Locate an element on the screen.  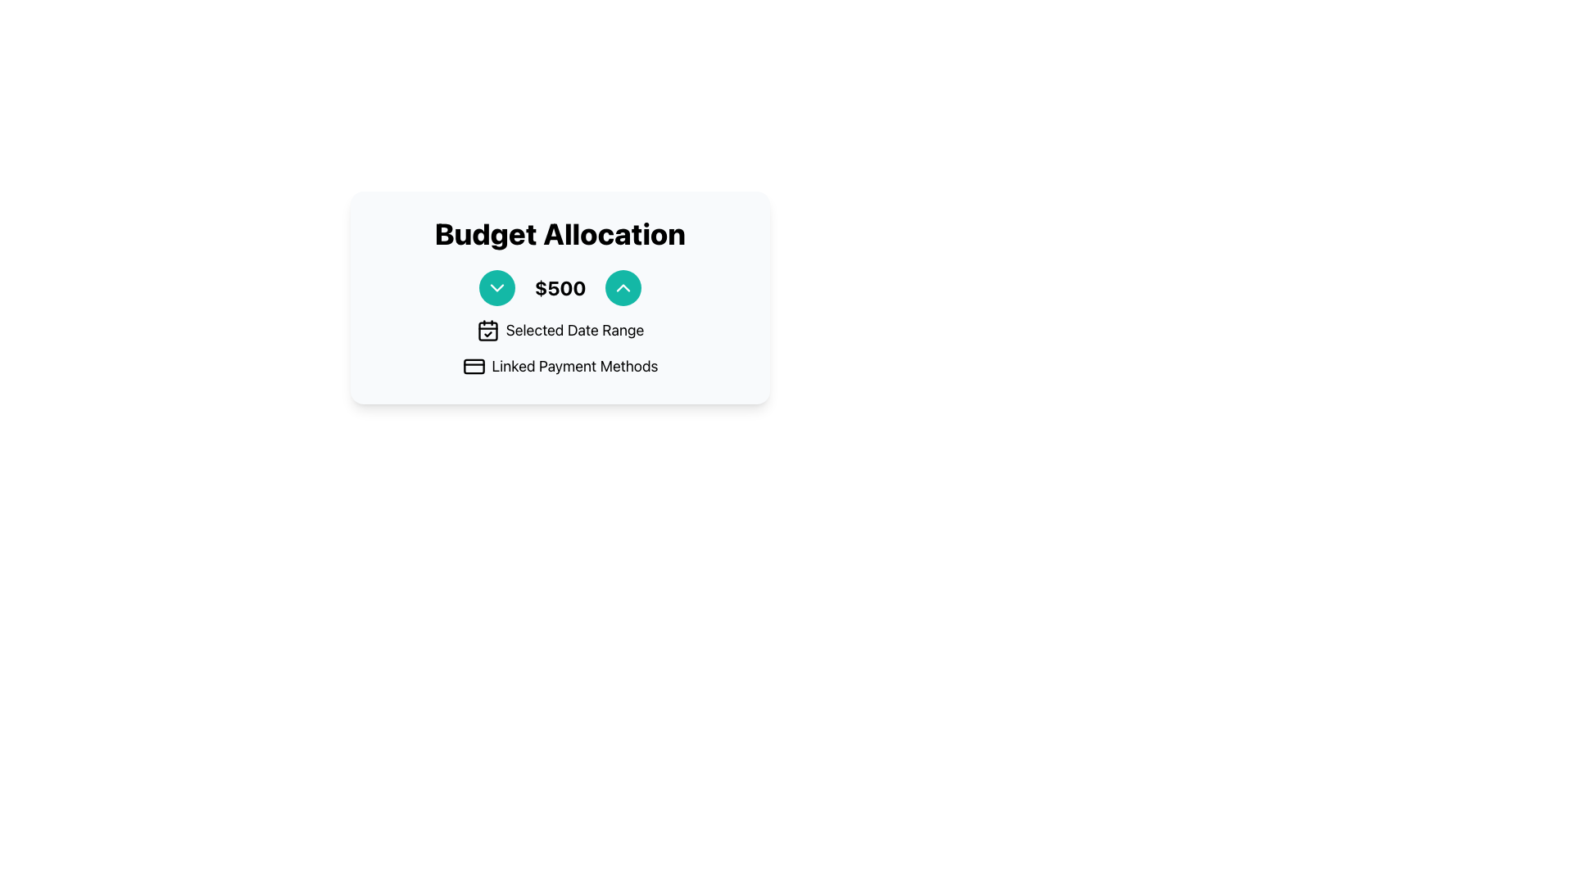
the icon indicating or launching the date selection feature, located to the left of the 'Selected Date Range' label under the 'Budget Allocation' section is located at coordinates (487, 331).